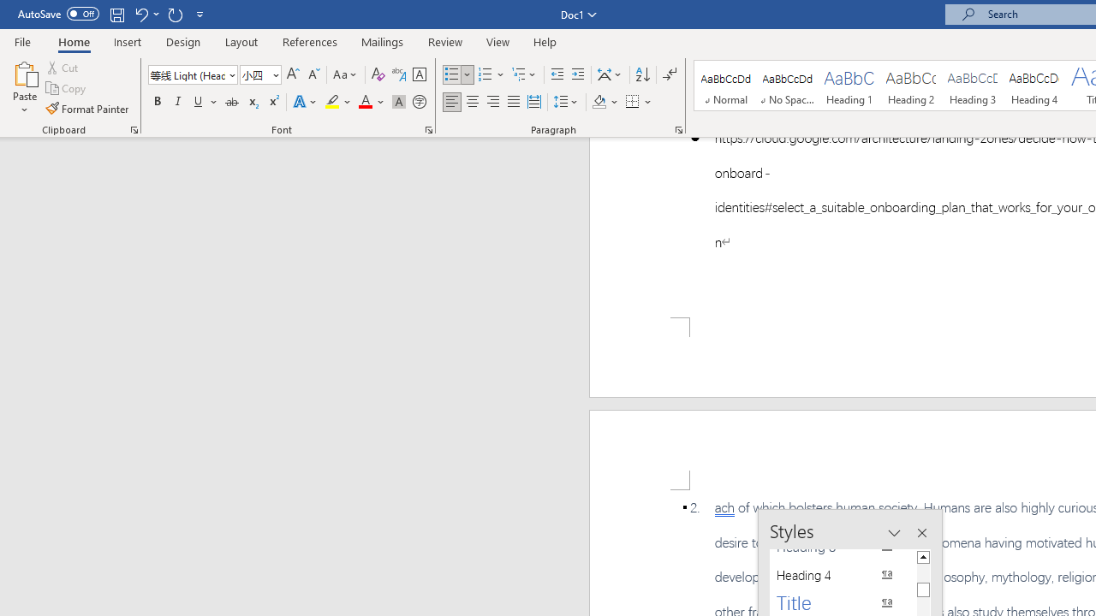 The image size is (1096, 616). Describe the element at coordinates (610, 74) in the screenshot. I see `'Asian Layout'` at that location.